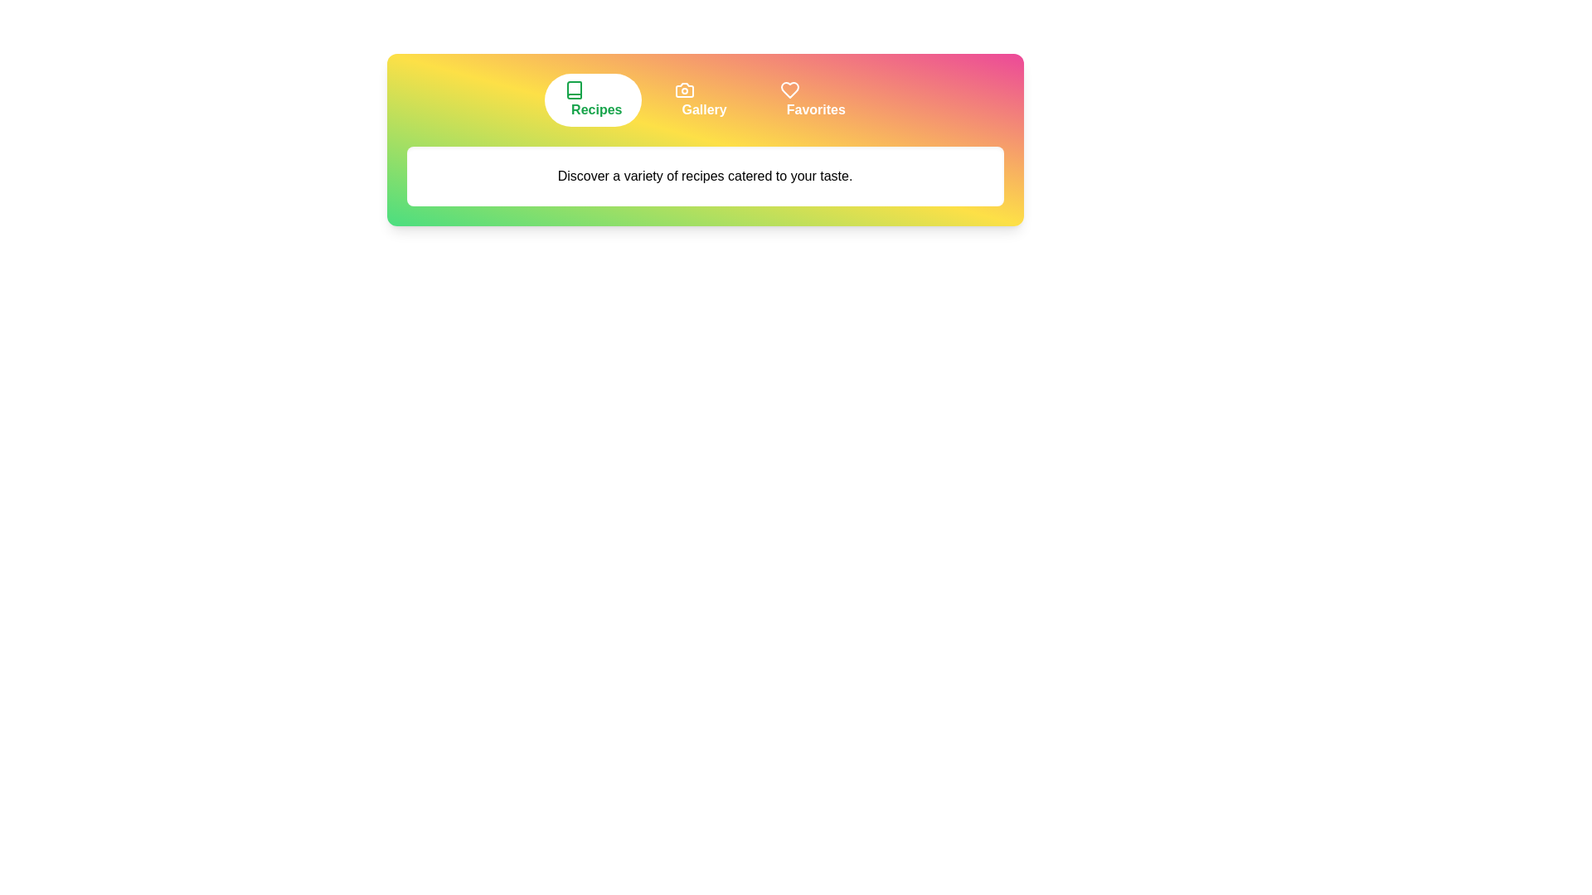 The height and width of the screenshot is (895, 1592). What do you see at coordinates (593, 99) in the screenshot?
I see `the tab labeled 'Recipes' to view its content` at bounding box center [593, 99].